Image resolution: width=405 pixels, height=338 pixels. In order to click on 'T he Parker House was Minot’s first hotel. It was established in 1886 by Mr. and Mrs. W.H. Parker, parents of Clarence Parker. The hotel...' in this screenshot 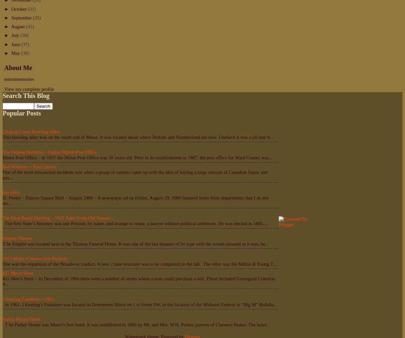, I will do `click(3, 324)`.